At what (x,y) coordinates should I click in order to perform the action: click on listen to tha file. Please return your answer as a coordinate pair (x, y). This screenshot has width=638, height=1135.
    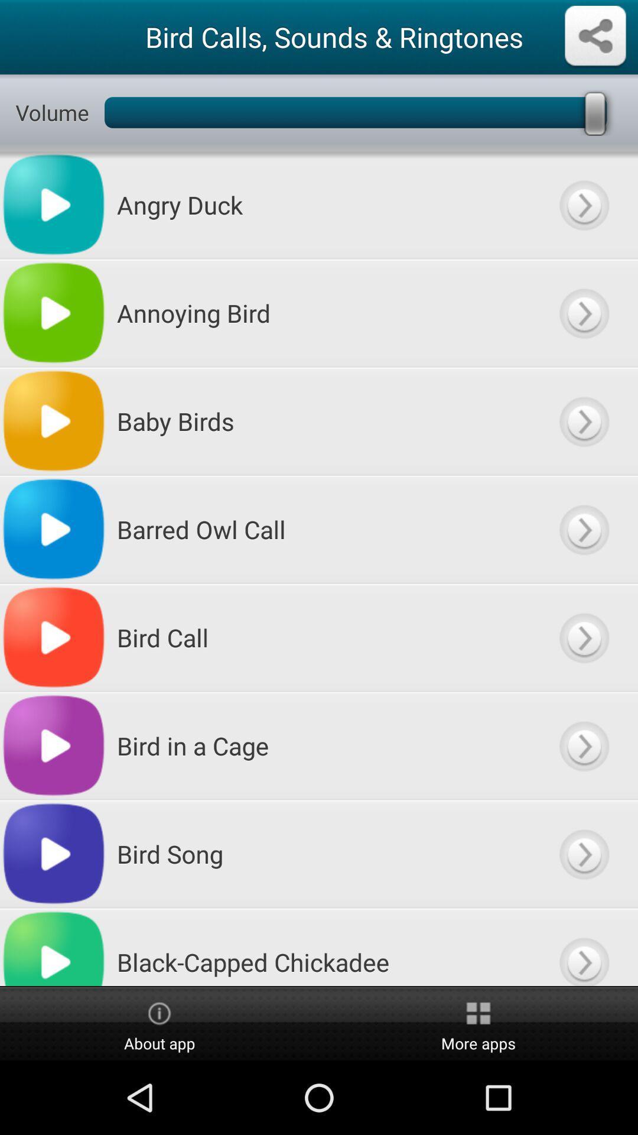
    Looking at the image, I should click on (583, 528).